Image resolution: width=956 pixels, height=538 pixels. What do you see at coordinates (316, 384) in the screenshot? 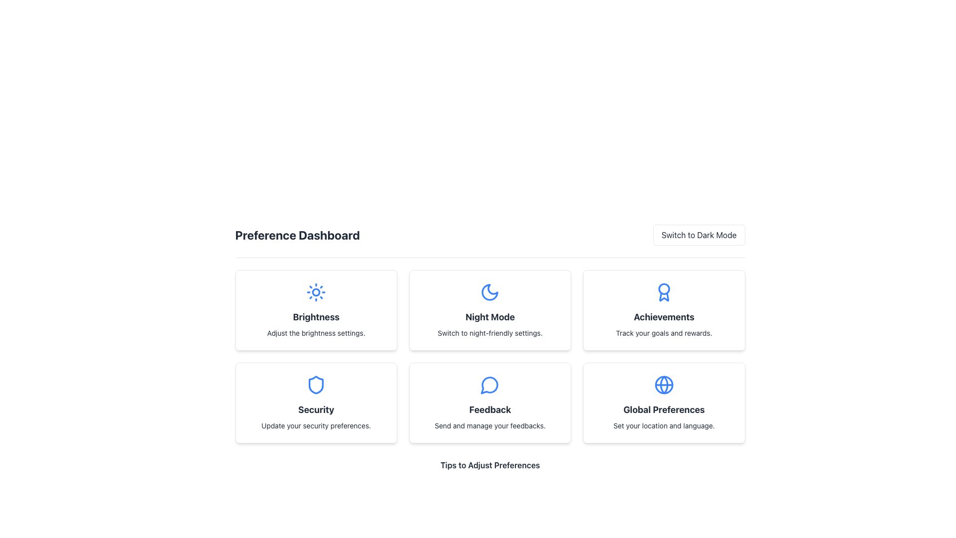
I see `the blue shield icon located at the top of the 'Security' panel, which has a clean, minimalist design and is positioned in the bottom-left portion of a grid of options` at bounding box center [316, 384].